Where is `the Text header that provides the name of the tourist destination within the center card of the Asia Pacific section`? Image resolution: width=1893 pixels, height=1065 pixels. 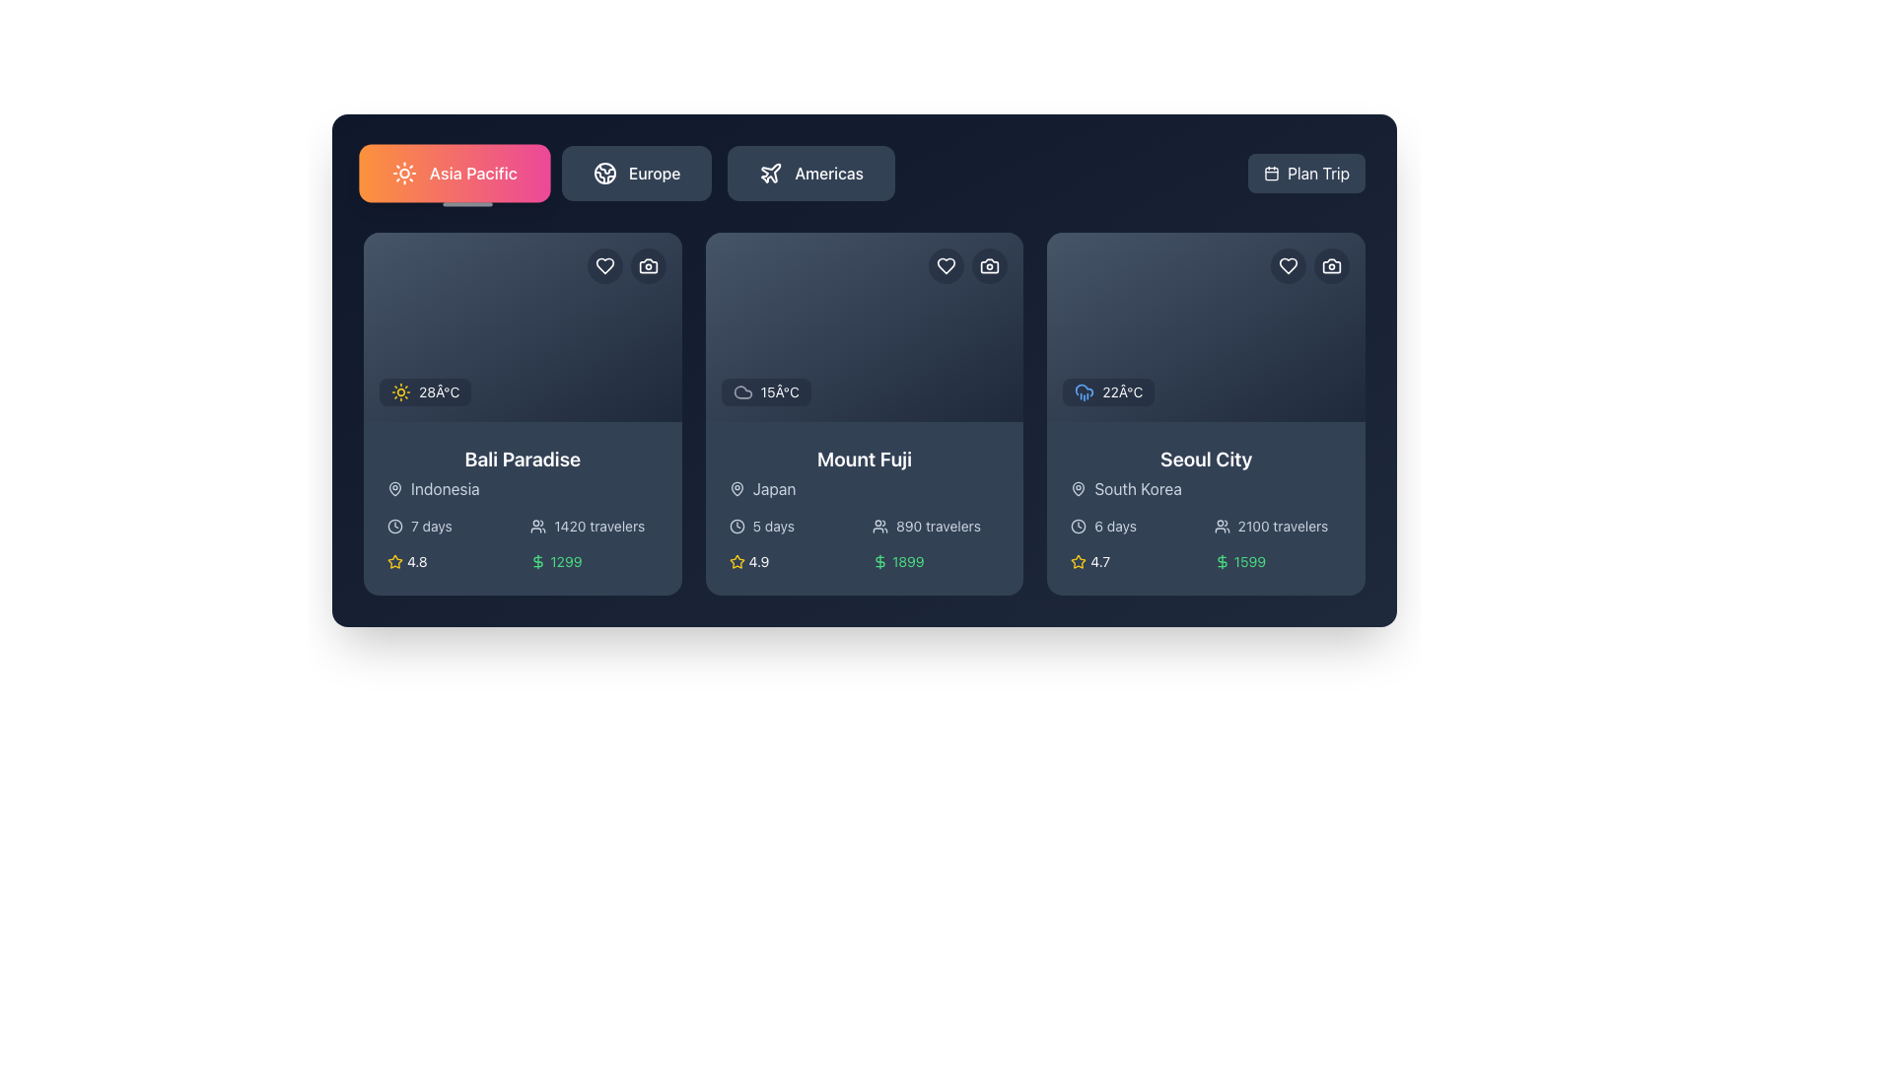
the Text header that provides the name of the tourist destination within the center card of the Asia Pacific section is located at coordinates (865, 460).